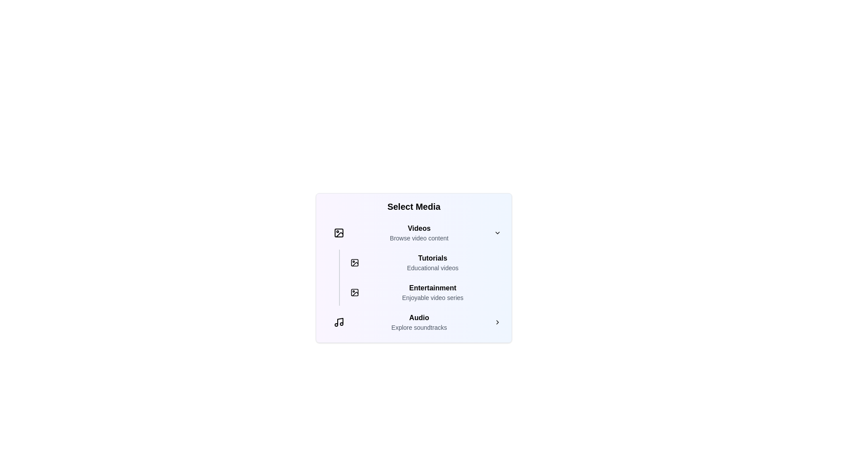  What do you see at coordinates (422, 277) in the screenshot?
I see `the icons in the 'Tutorials' and 'Entertainment' grouped list item for additional options` at bounding box center [422, 277].